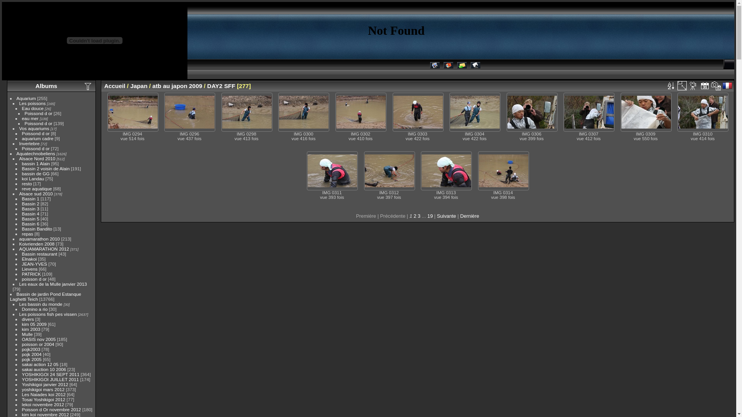 The width and height of the screenshot is (742, 417). I want to click on 'Bassin restaurant', so click(39, 254).